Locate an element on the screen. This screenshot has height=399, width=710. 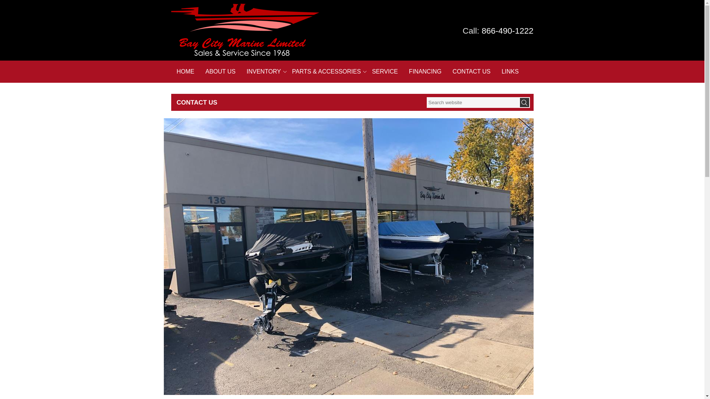
'HOME' is located at coordinates (185, 71).